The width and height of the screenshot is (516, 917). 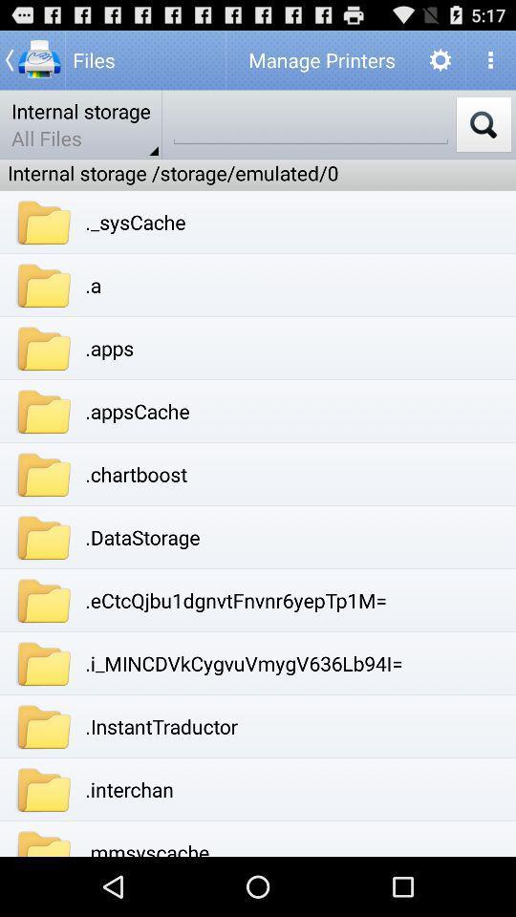 What do you see at coordinates (137, 411) in the screenshot?
I see `the item above .chartboost icon` at bounding box center [137, 411].